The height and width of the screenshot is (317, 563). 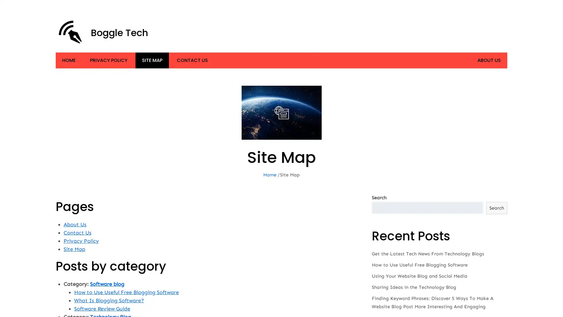 I want to click on Search, so click(x=496, y=191).